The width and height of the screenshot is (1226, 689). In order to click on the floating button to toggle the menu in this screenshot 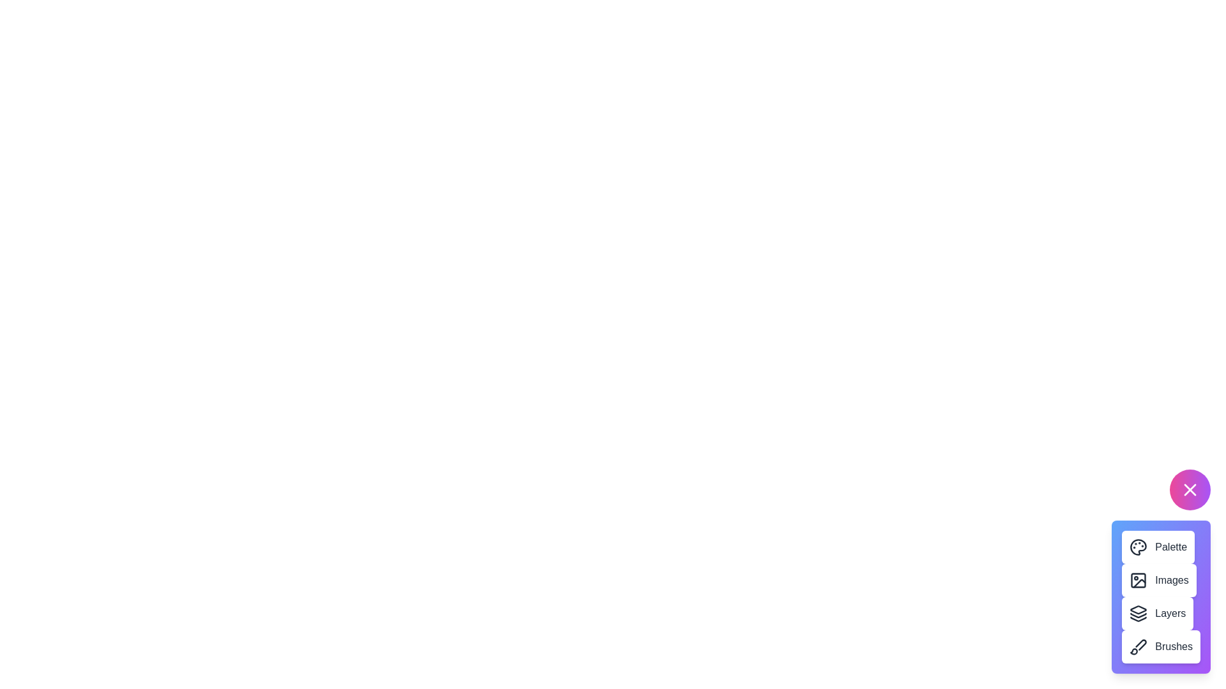, I will do `click(1189, 489)`.